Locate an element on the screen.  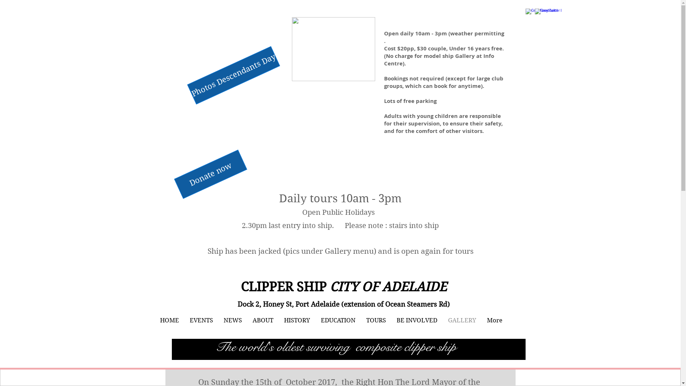
'HOME' is located at coordinates (169, 320).